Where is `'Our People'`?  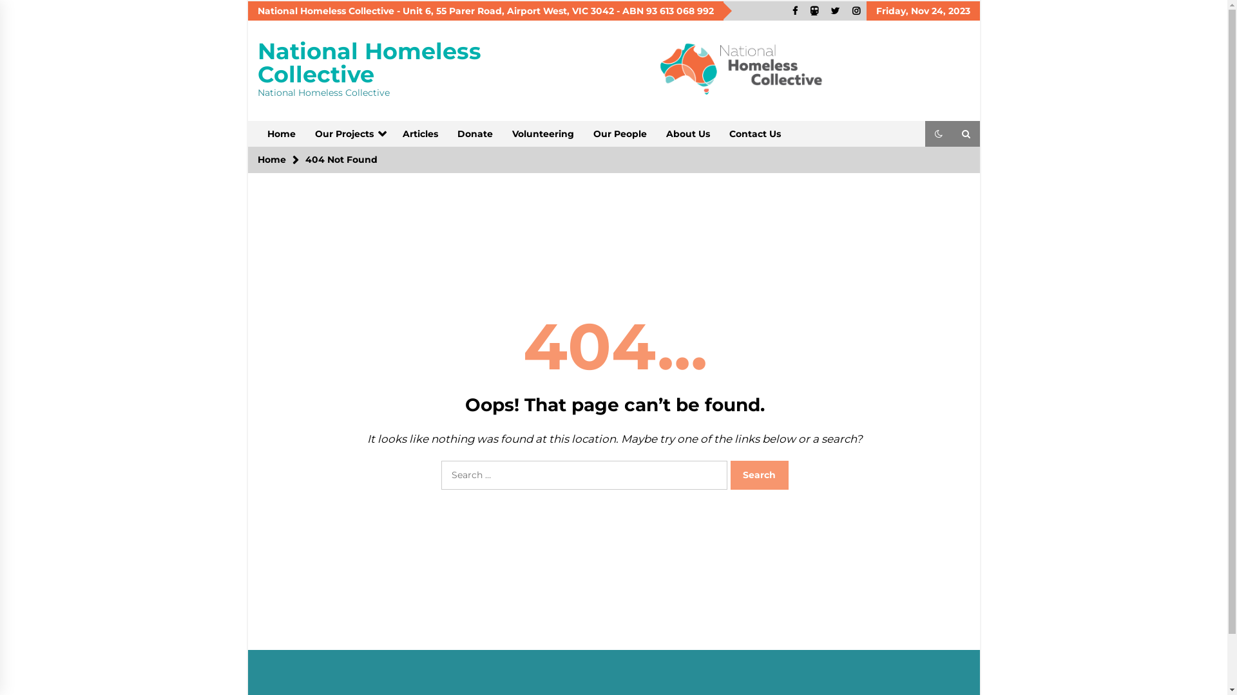 'Our People' is located at coordinates (620, 134).